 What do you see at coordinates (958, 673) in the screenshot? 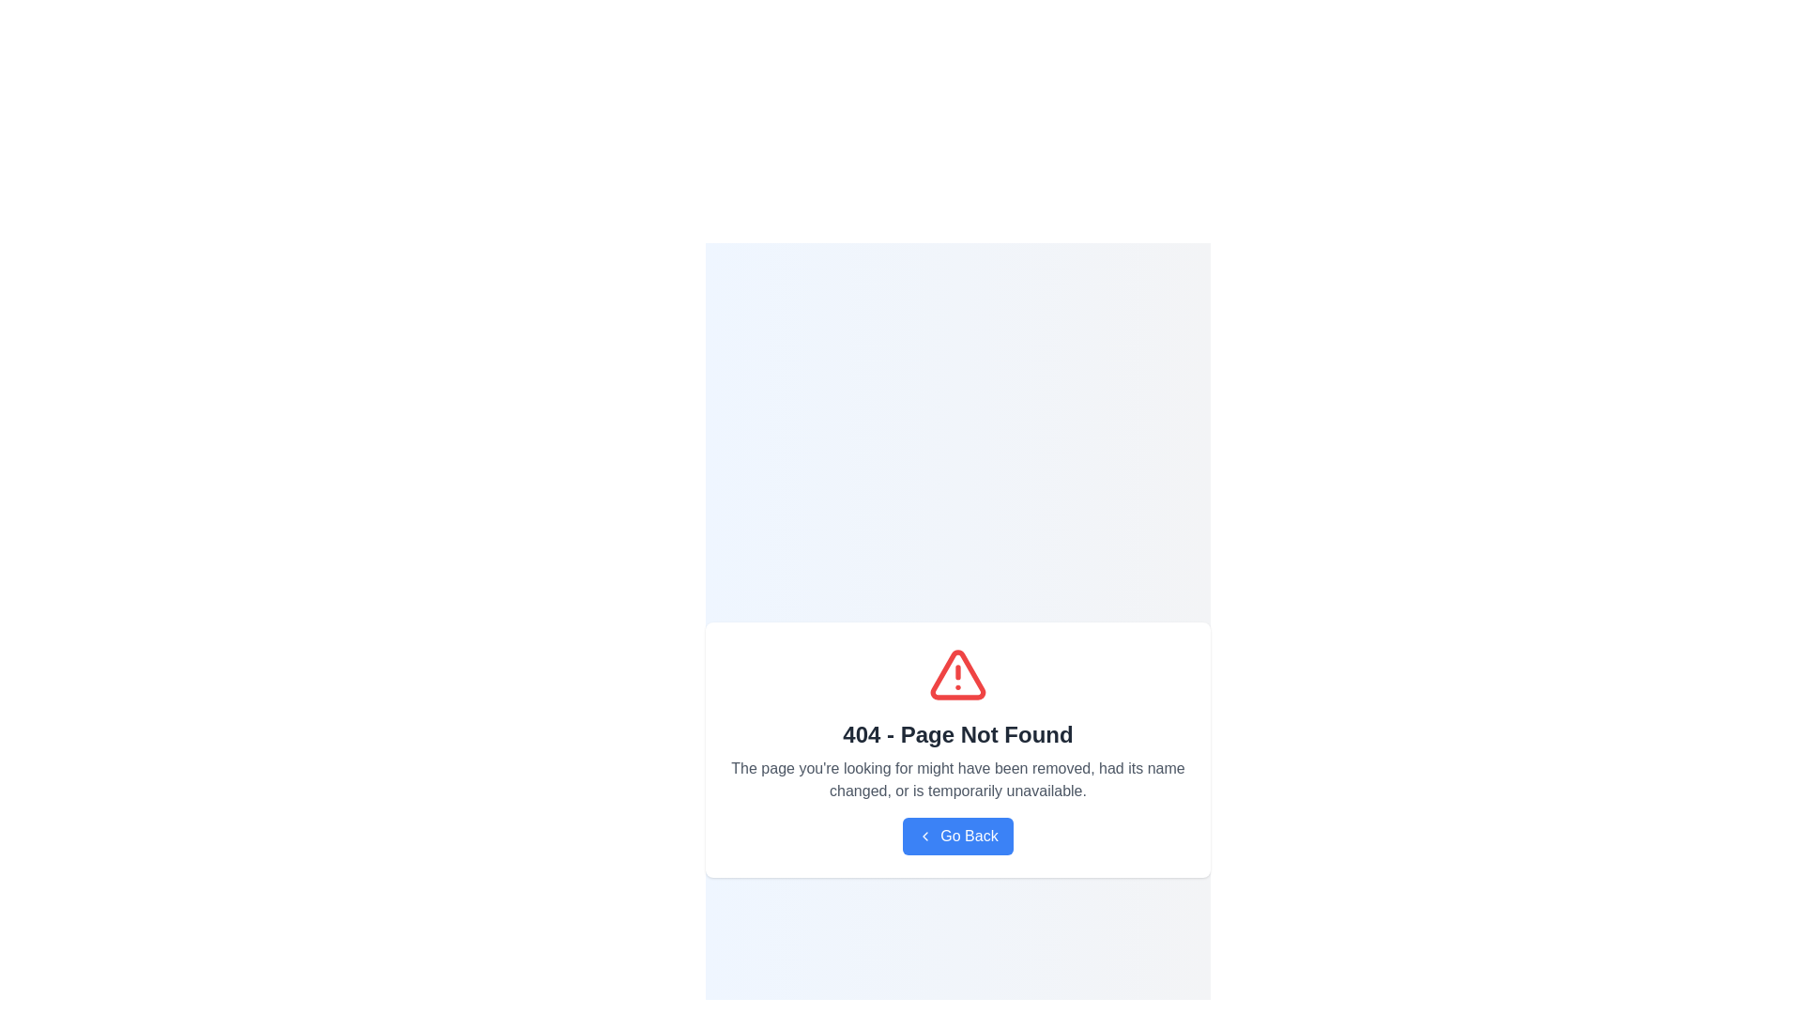
I see `the error alert icon located at the top part of the central panel, directly above the '404 - Page Not Found' heading` at bounding box center [958, 673].